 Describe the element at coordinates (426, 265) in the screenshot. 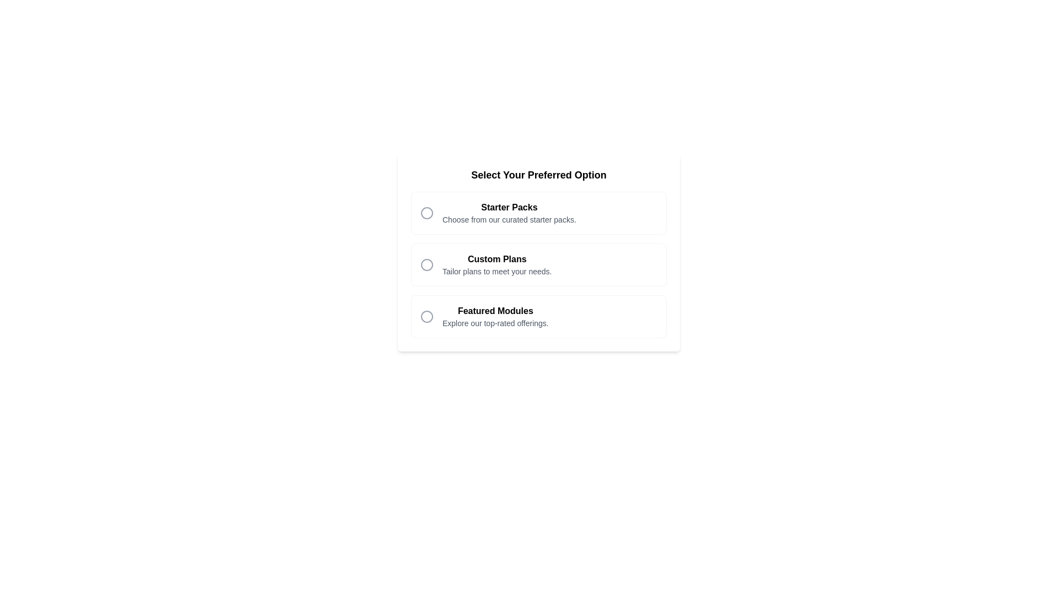

I see `the circular graphical indicator located in the second option row next to the 'Custom Plans' label` at that location.